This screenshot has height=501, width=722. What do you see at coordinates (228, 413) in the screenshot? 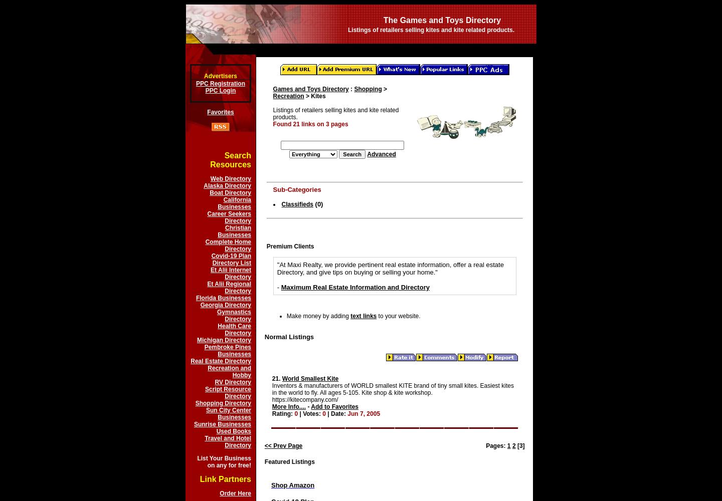
I see `'Sun City Center Businesses'` at bounding box center [228, 413].